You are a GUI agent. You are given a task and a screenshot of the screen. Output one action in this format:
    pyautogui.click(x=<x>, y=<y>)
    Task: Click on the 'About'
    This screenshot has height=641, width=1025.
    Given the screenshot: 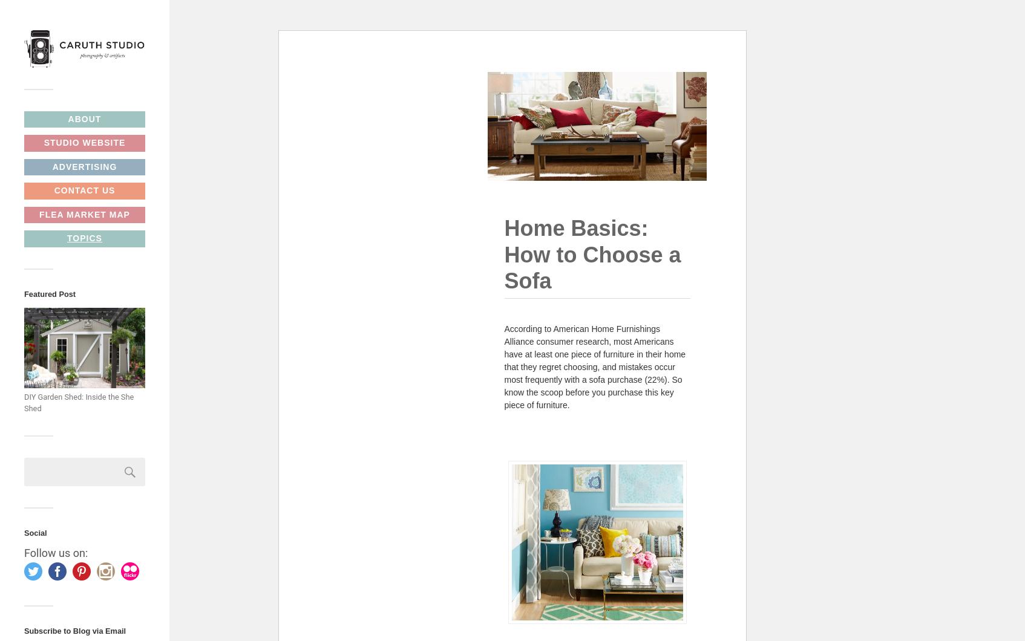 What is the action you would take?
    pyautogui.click(x=84, y=117)
    